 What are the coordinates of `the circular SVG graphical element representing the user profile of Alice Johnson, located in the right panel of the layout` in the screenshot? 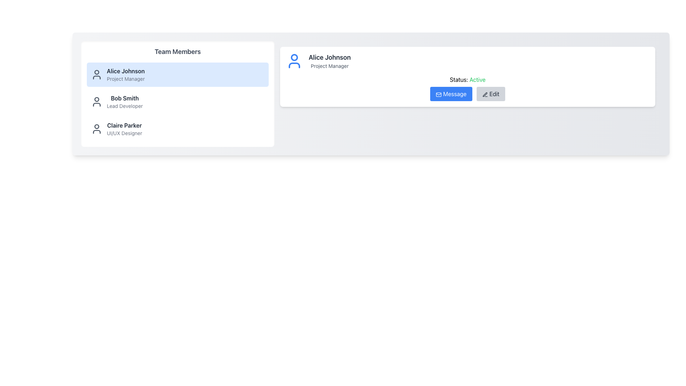 It's located at (294, 57).